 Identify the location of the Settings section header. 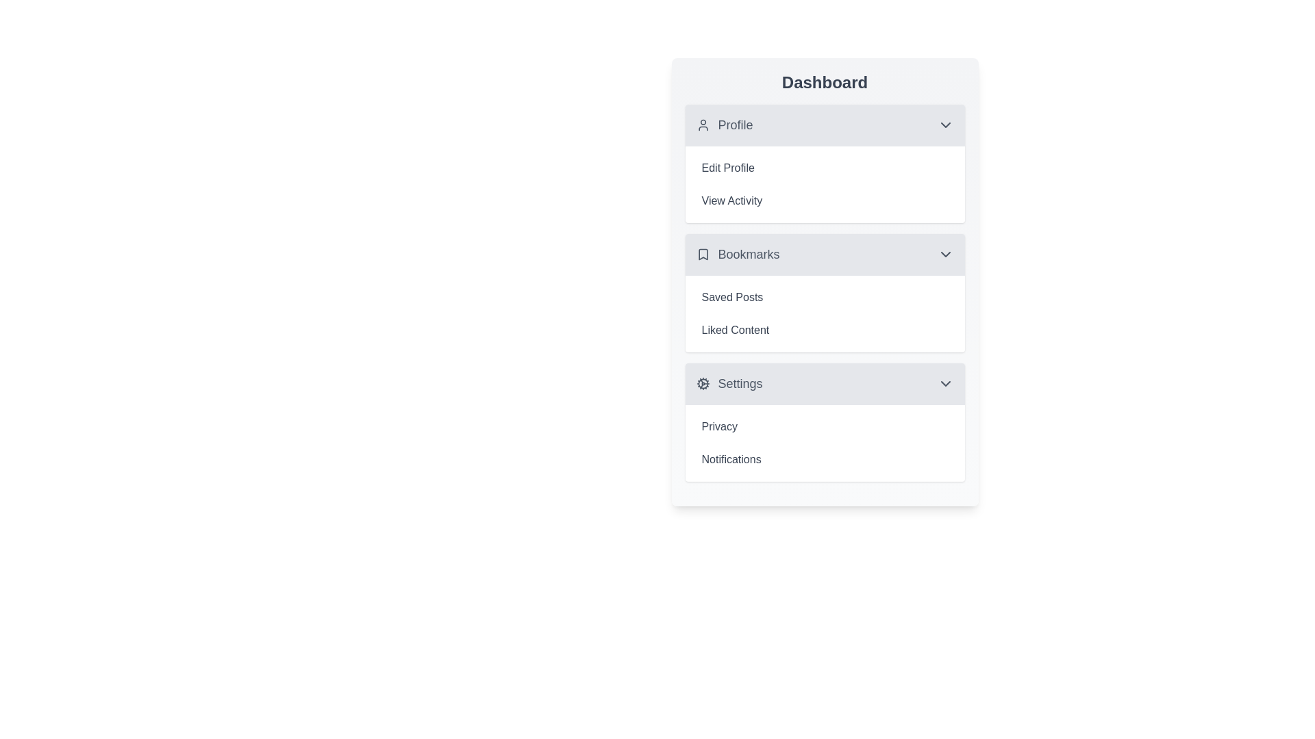
(824, 383).